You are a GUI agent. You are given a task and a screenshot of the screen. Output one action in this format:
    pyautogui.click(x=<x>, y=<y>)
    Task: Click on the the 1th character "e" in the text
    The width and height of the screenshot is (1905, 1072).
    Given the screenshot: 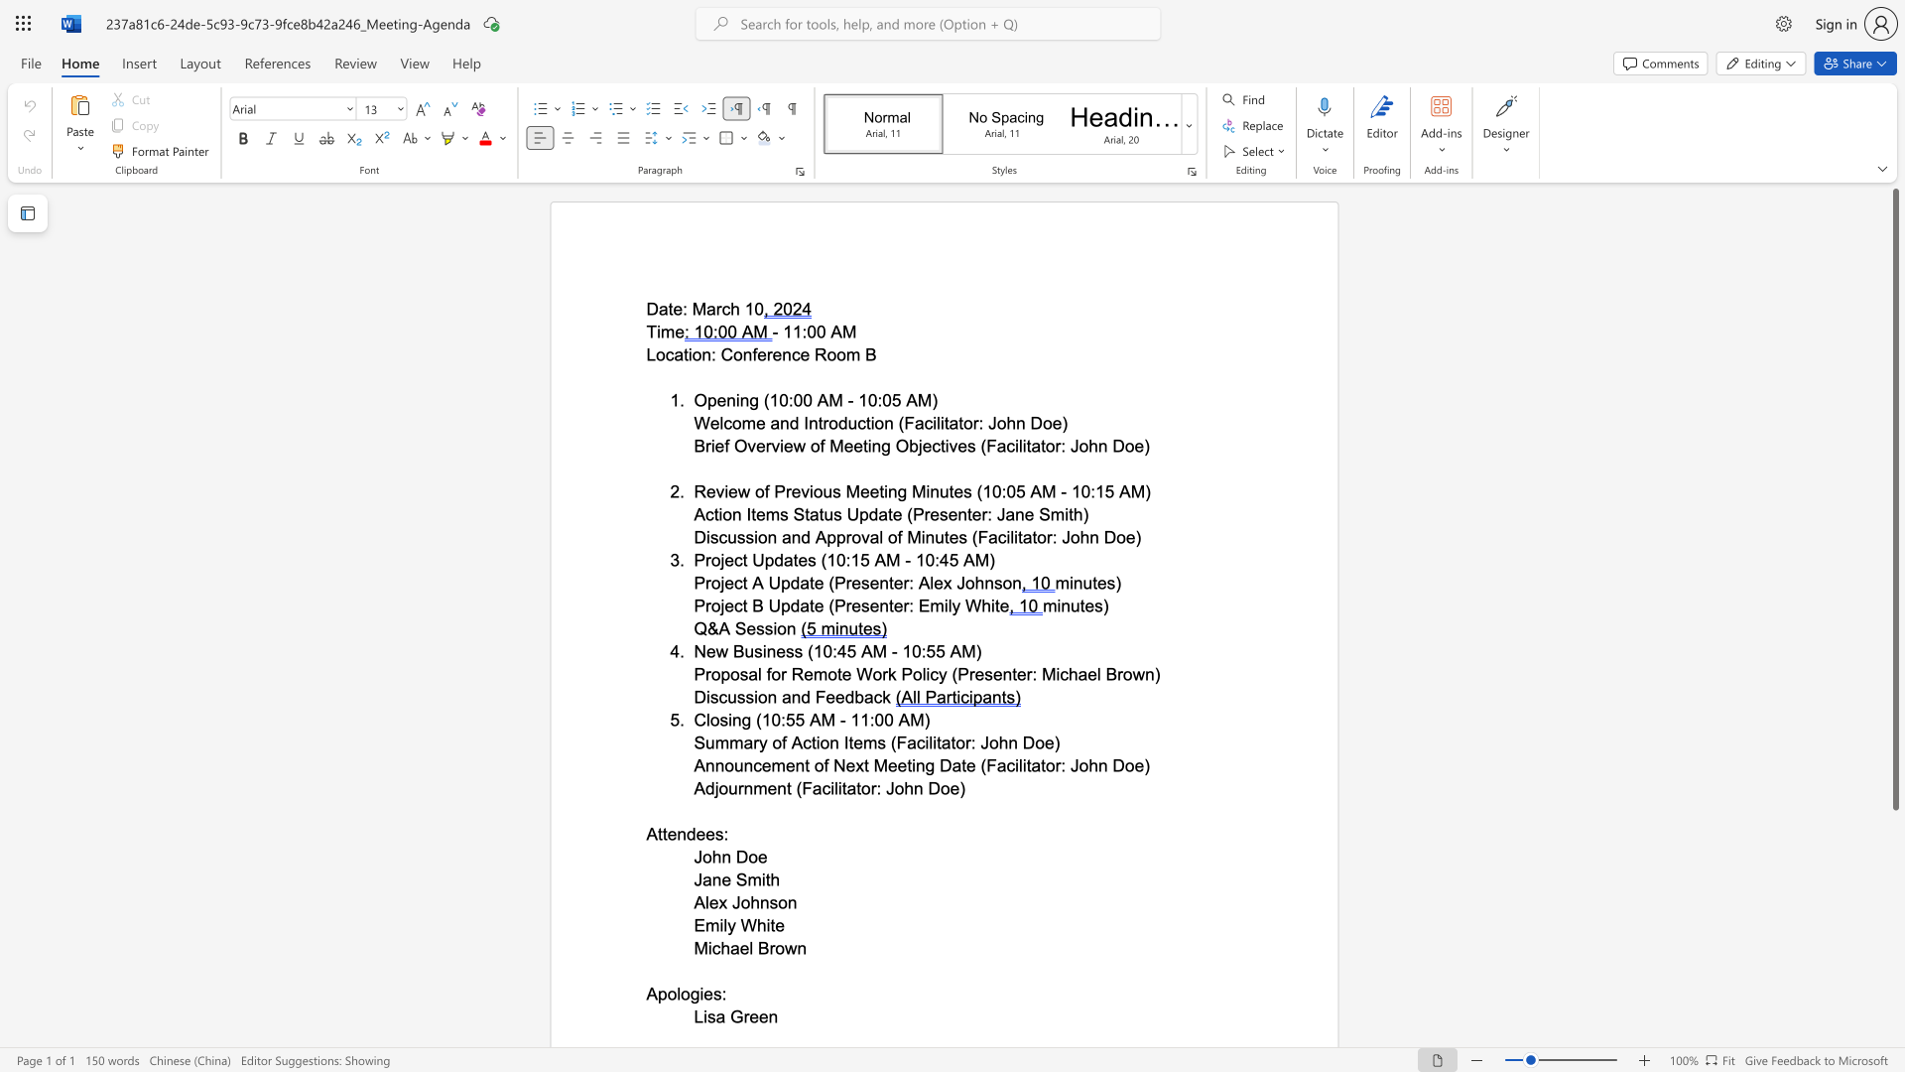 What is the action you would take?
    pyautogui.click(x=750, y=628)
    